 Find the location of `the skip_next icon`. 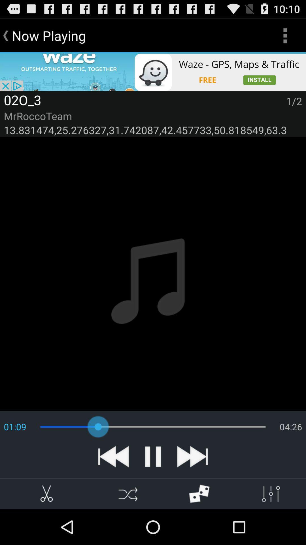

the skip_next icon is located at coordinates (192, 488).